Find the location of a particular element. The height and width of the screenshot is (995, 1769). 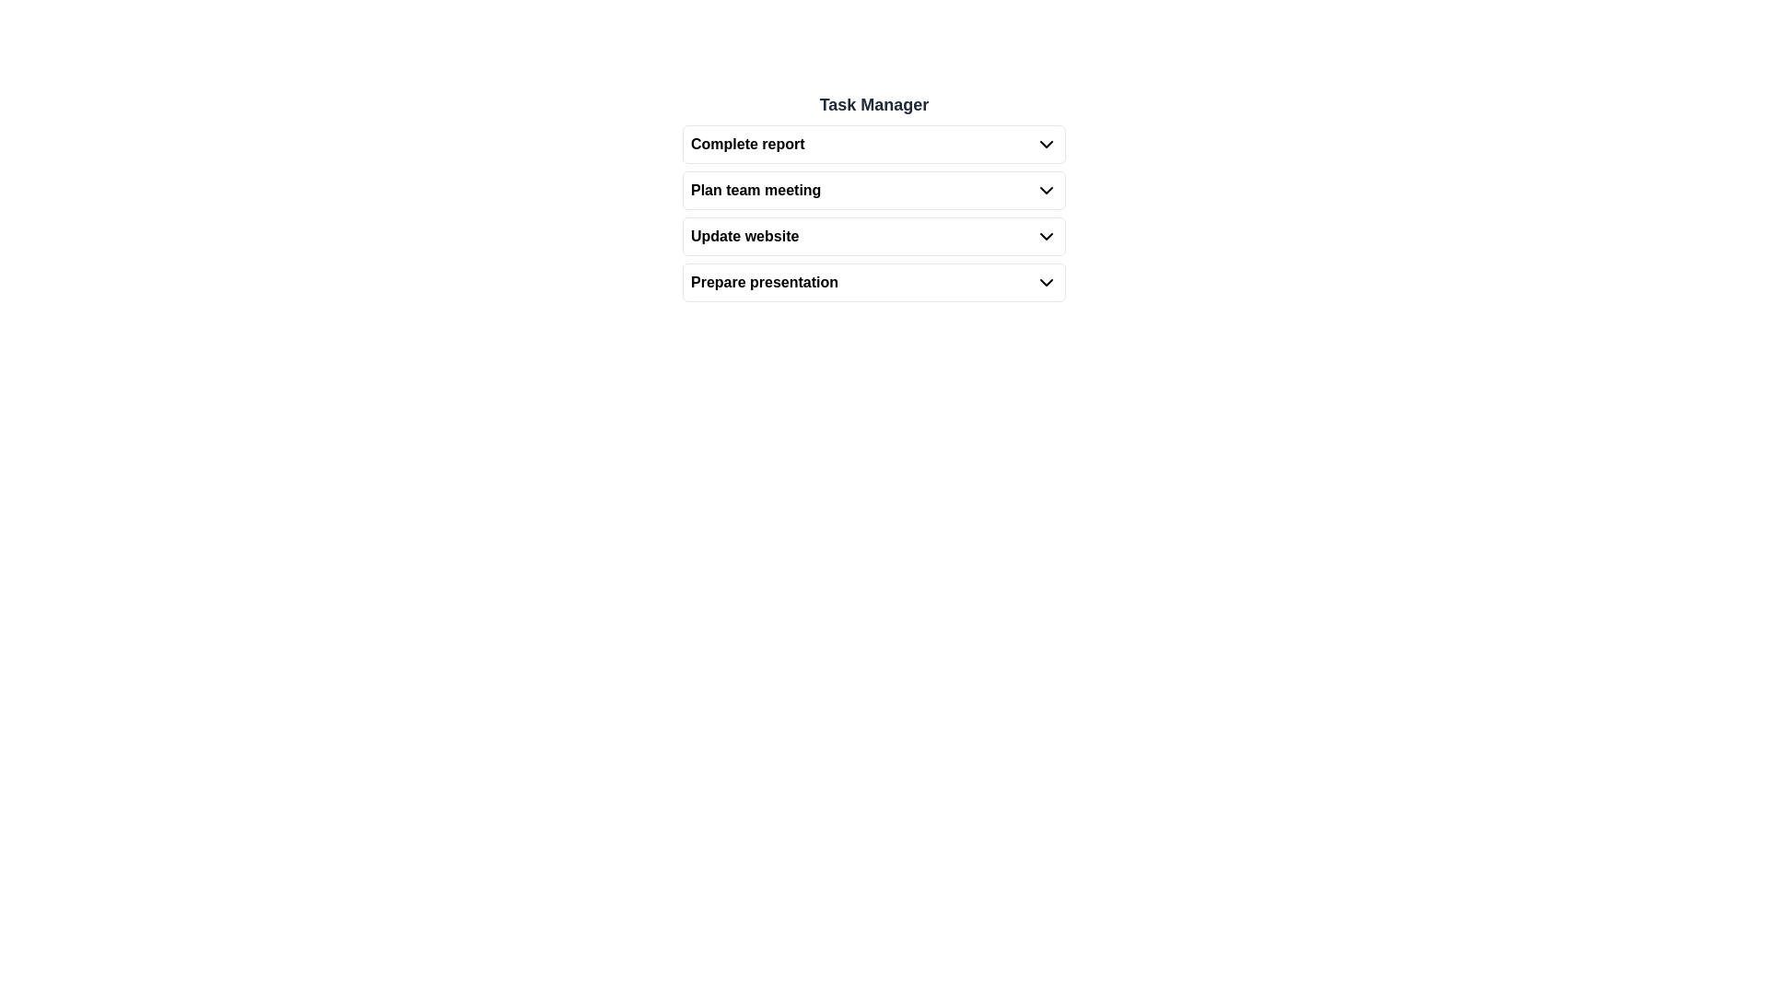

the static text element that reads 'Plan team meeting', which is the second item in the vertical list within the 'Task Manager' box is located at coordinates (756, 191).